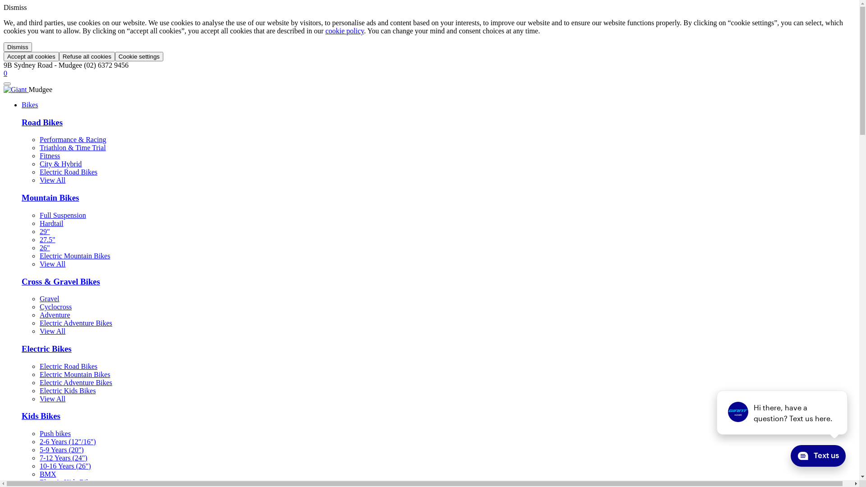 The height and width of the screenshot is (487, 866). What do you see at coordinates (73, 139) in the screenshot?
I see `'Performance & Racing'` at bounding box center [73, 139].